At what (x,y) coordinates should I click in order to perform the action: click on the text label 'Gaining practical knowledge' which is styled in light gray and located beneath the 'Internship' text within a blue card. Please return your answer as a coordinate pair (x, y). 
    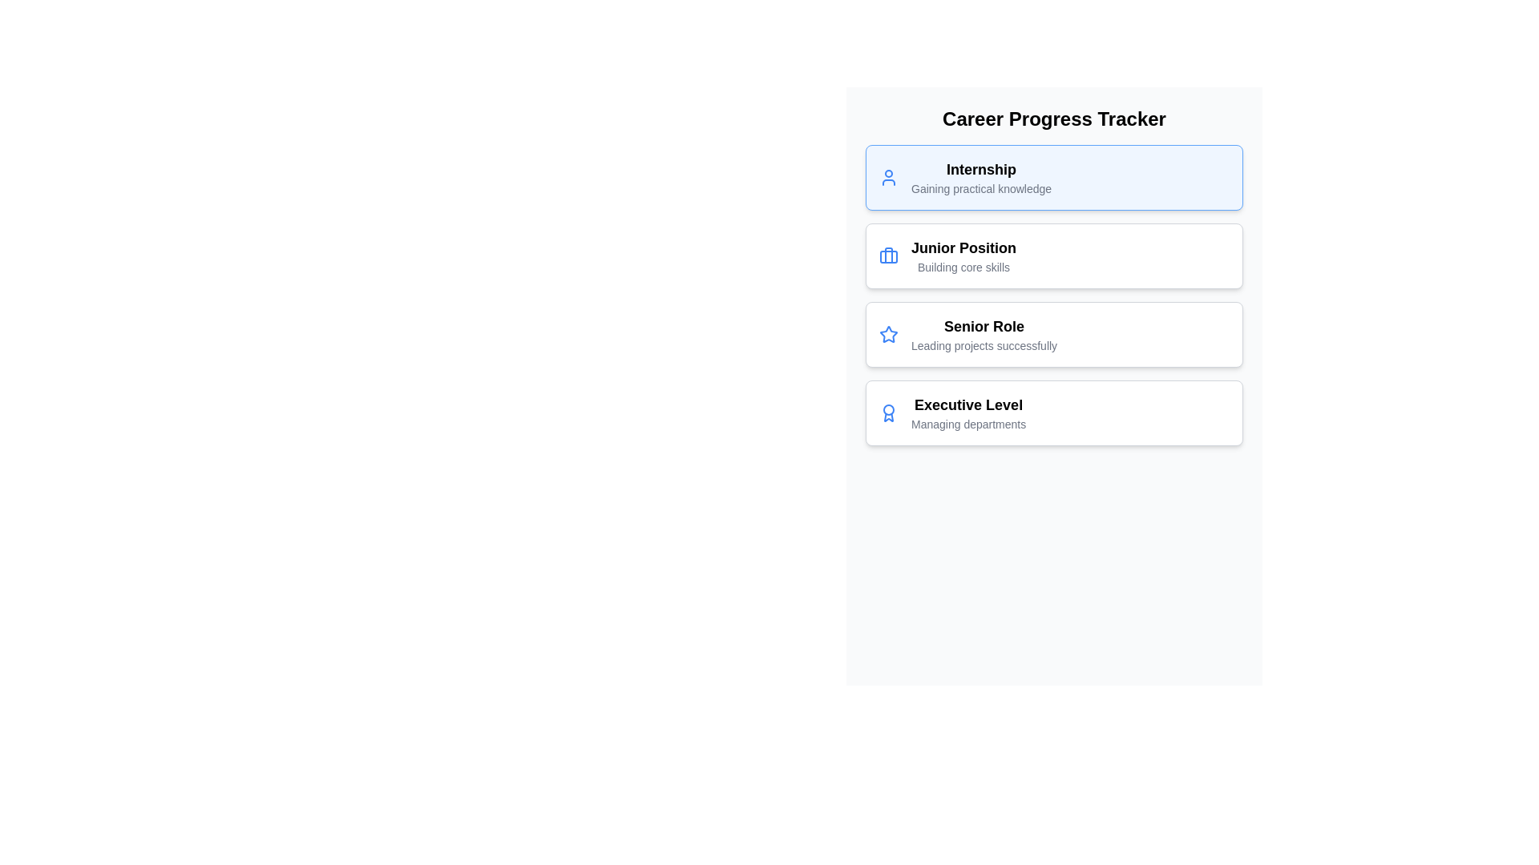
    Looking at the image, I should click on (980, 187).